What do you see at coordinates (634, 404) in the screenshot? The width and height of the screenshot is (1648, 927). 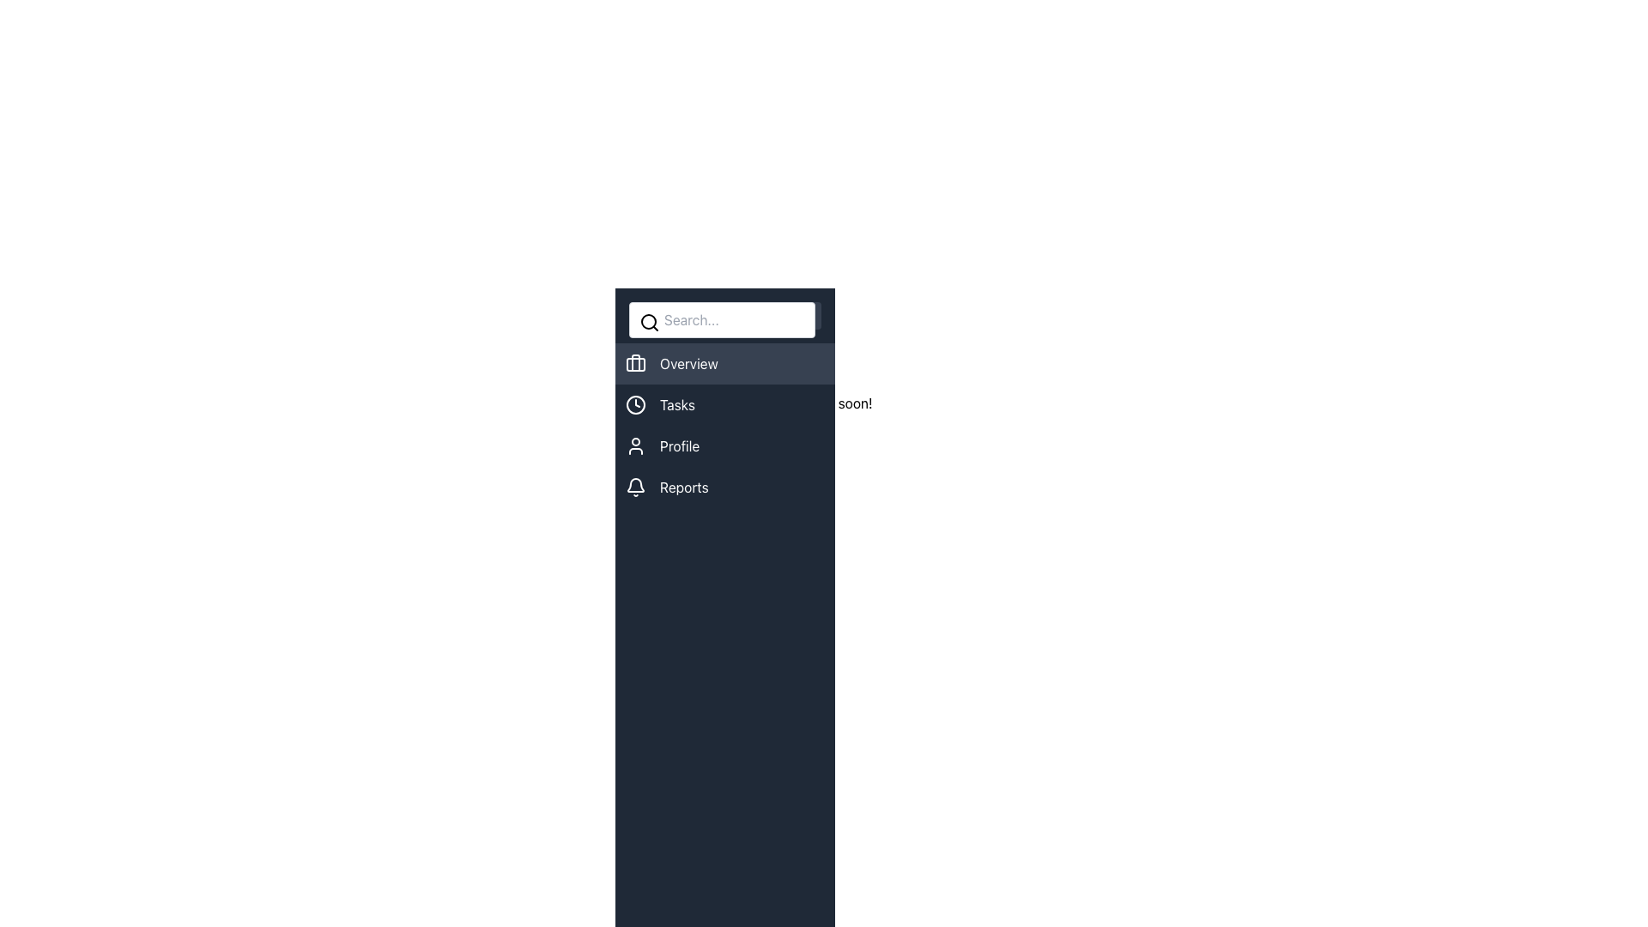 I see `the circular SVG graphic resembling a clock face, which is part of the 'Tasks' menu item located on the left side of the interface` at bounding box center [634, 404].